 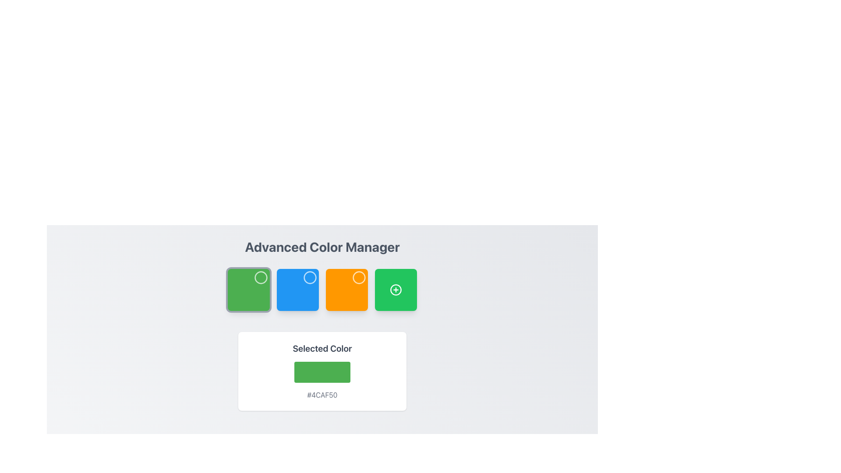 I want to click on the fourth button in the grid layout, which is positioned at the right edge, so click(x=395, y=290).